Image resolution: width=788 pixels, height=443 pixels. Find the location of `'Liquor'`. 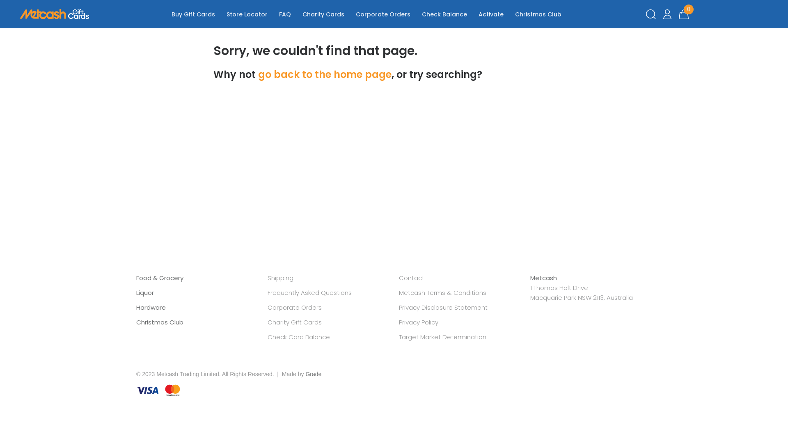

'Liquor' is located at coordinates (145, 292).